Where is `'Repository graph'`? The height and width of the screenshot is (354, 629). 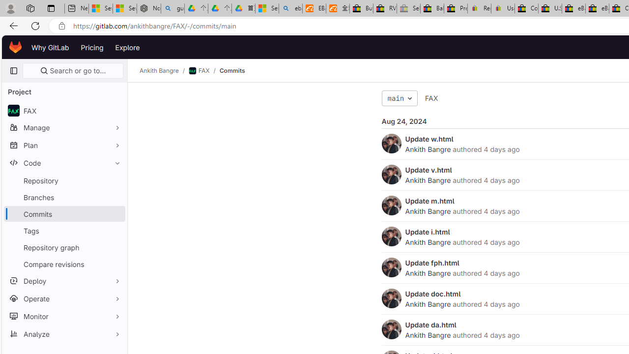 'Repository graph' is located at coordinates (64, 246).